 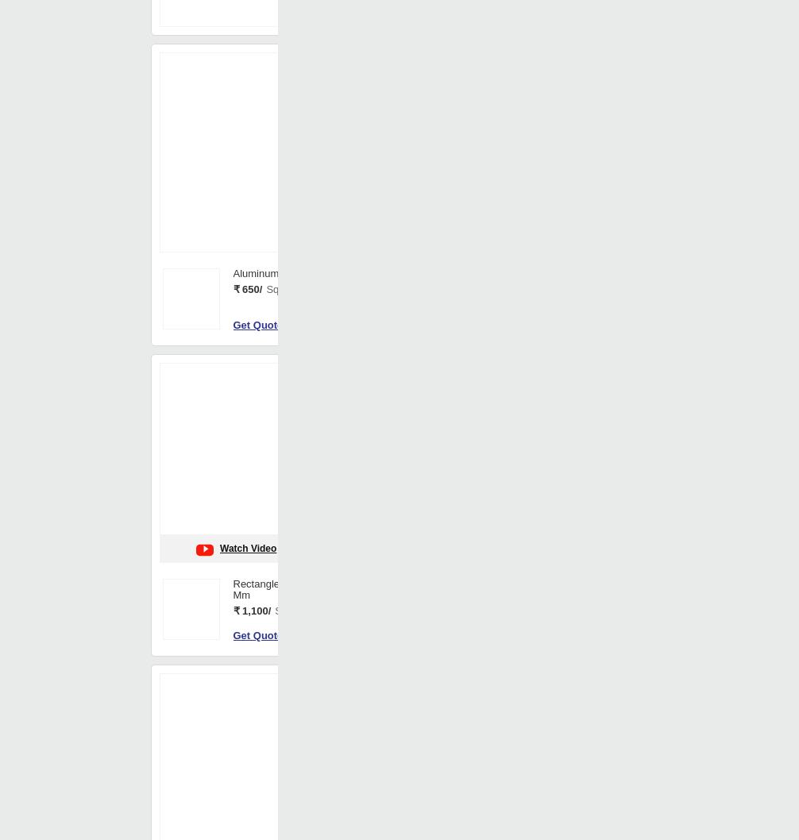 I want to click on ':  240 V', so click(x=429, y=107).